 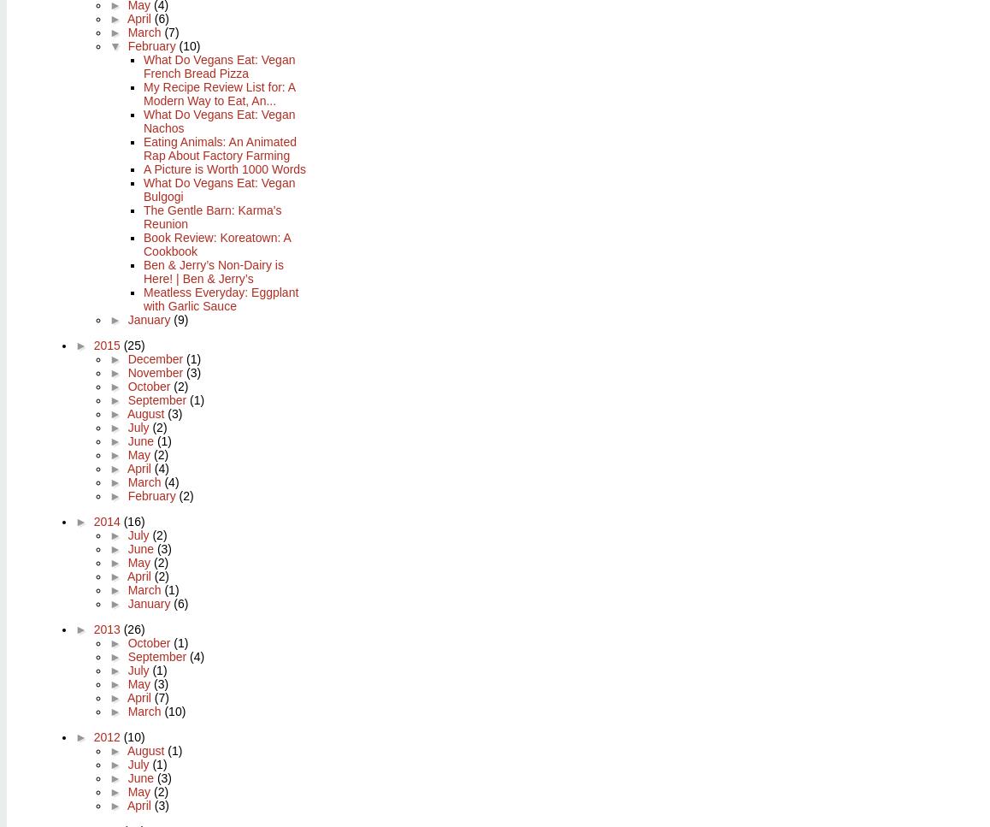 What do you see at coordinates (218, 65) in the screenshot?
I see `'What Do Vegans Eat:  Vegan French Bread Pizza'` at bounding box center [218, 65].